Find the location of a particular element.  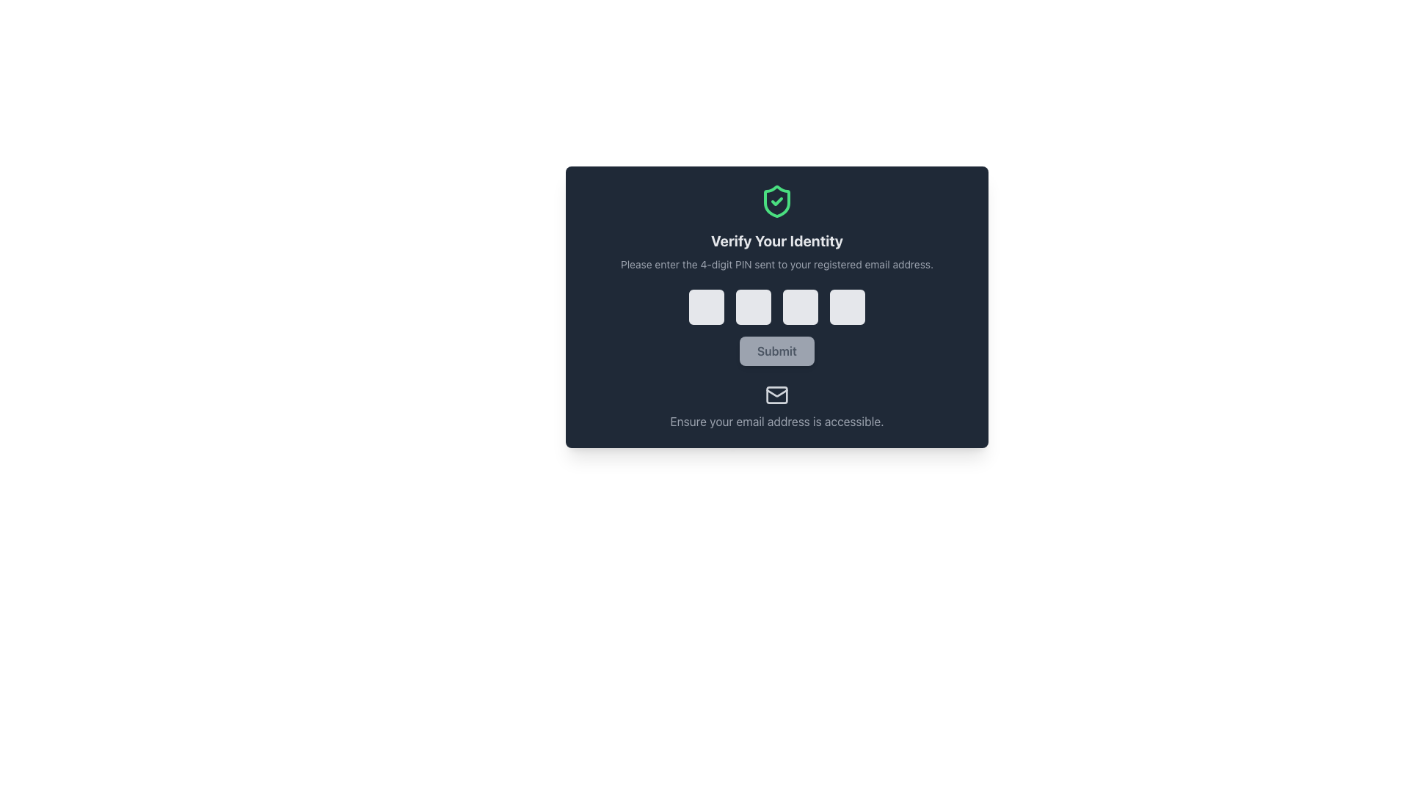

the 'Submit' button with a grey background located centrally at the bottom of the PIN entry layout to attempt submission is located at coordinates (776, 351).